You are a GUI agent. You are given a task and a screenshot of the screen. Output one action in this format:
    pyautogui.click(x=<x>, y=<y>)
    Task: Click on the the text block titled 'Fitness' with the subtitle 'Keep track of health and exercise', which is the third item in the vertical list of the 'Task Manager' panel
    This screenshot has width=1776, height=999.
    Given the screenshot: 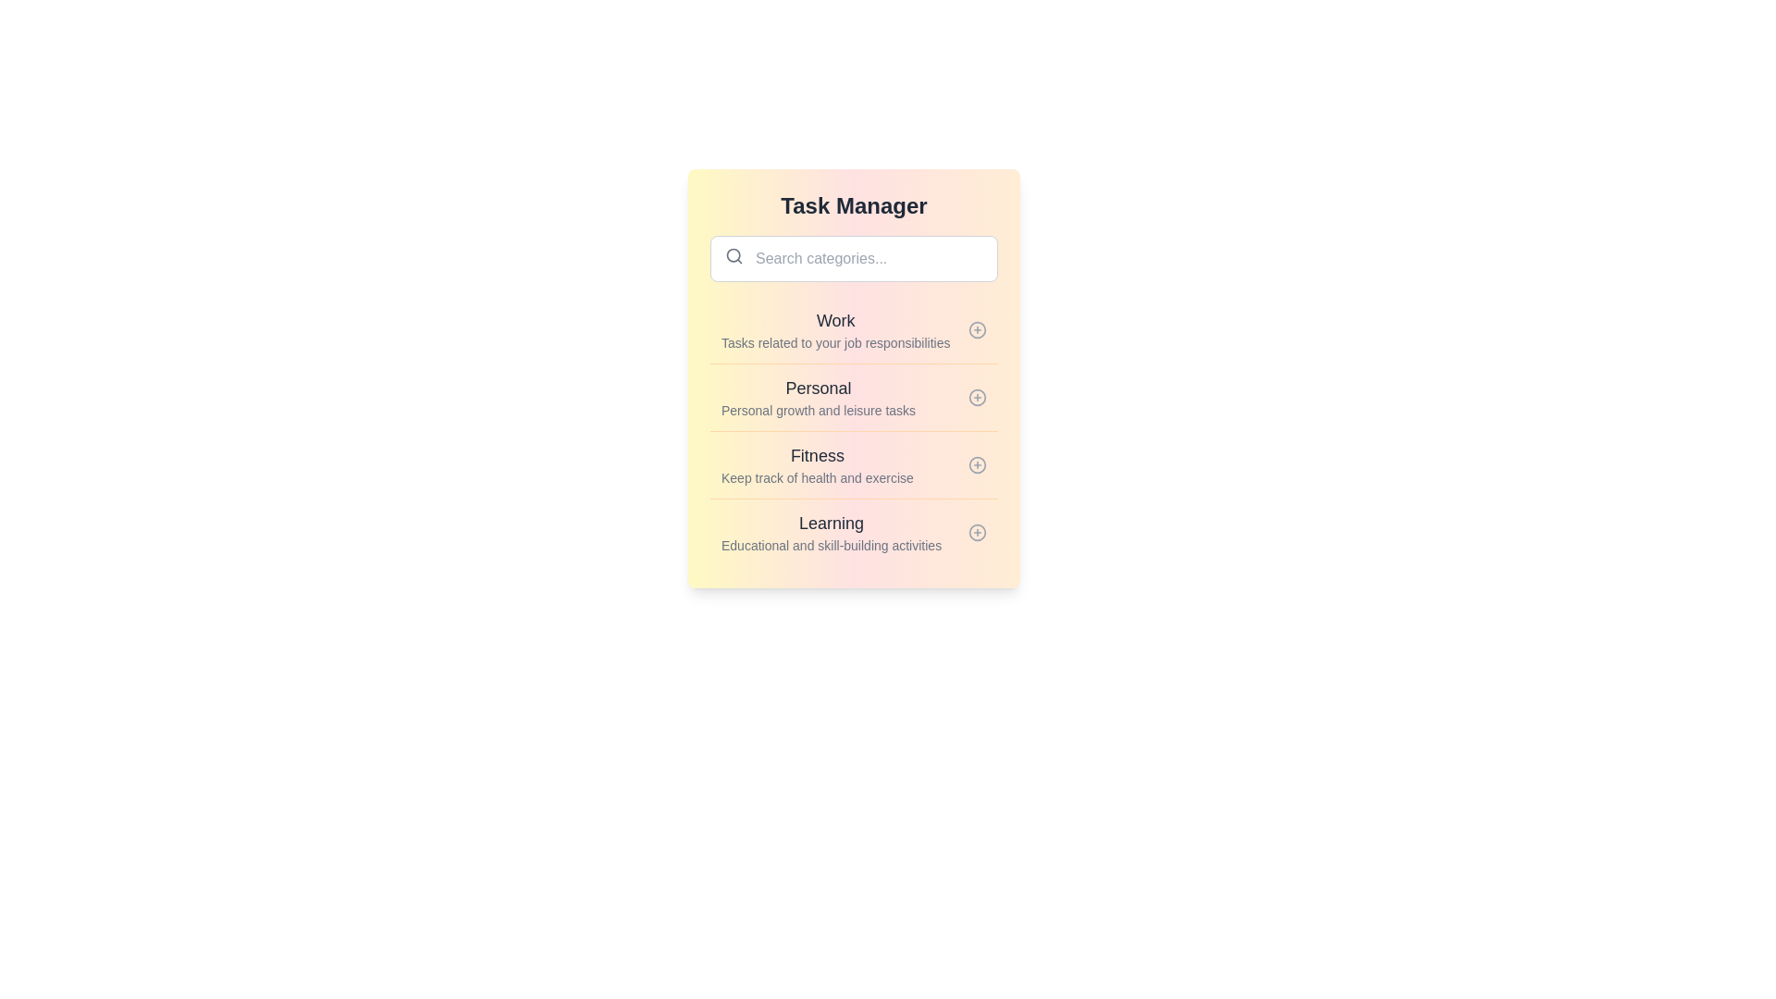 What is the action you would take?
    pyautogui.click(x=816, y=463)
    